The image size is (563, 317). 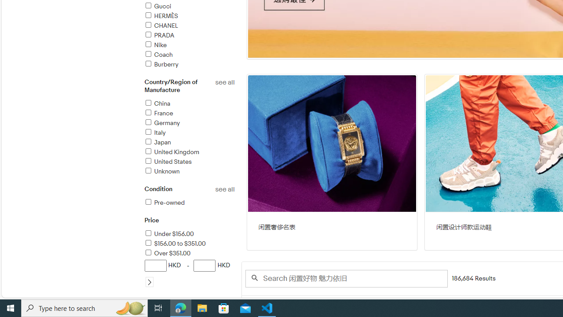 What do you see at coordinates (157, 142) in the screenshot?
I see `'Japan'` at bounding box center [157, 142].